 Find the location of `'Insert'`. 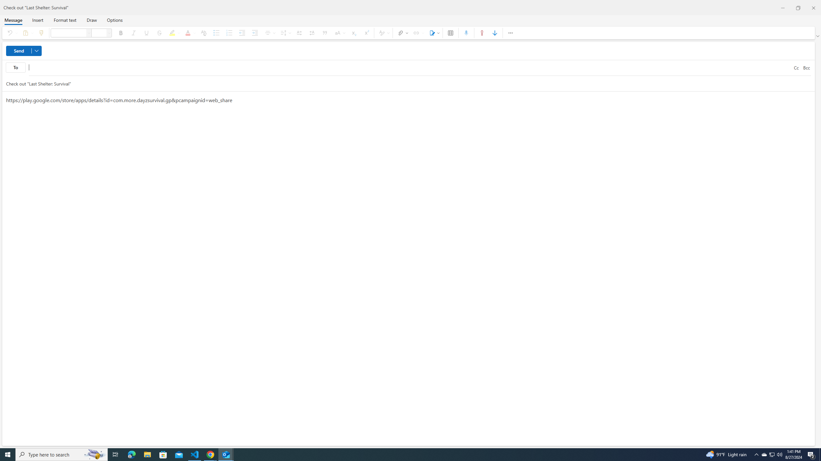

'Insert' is located at coordinates (38, 20).